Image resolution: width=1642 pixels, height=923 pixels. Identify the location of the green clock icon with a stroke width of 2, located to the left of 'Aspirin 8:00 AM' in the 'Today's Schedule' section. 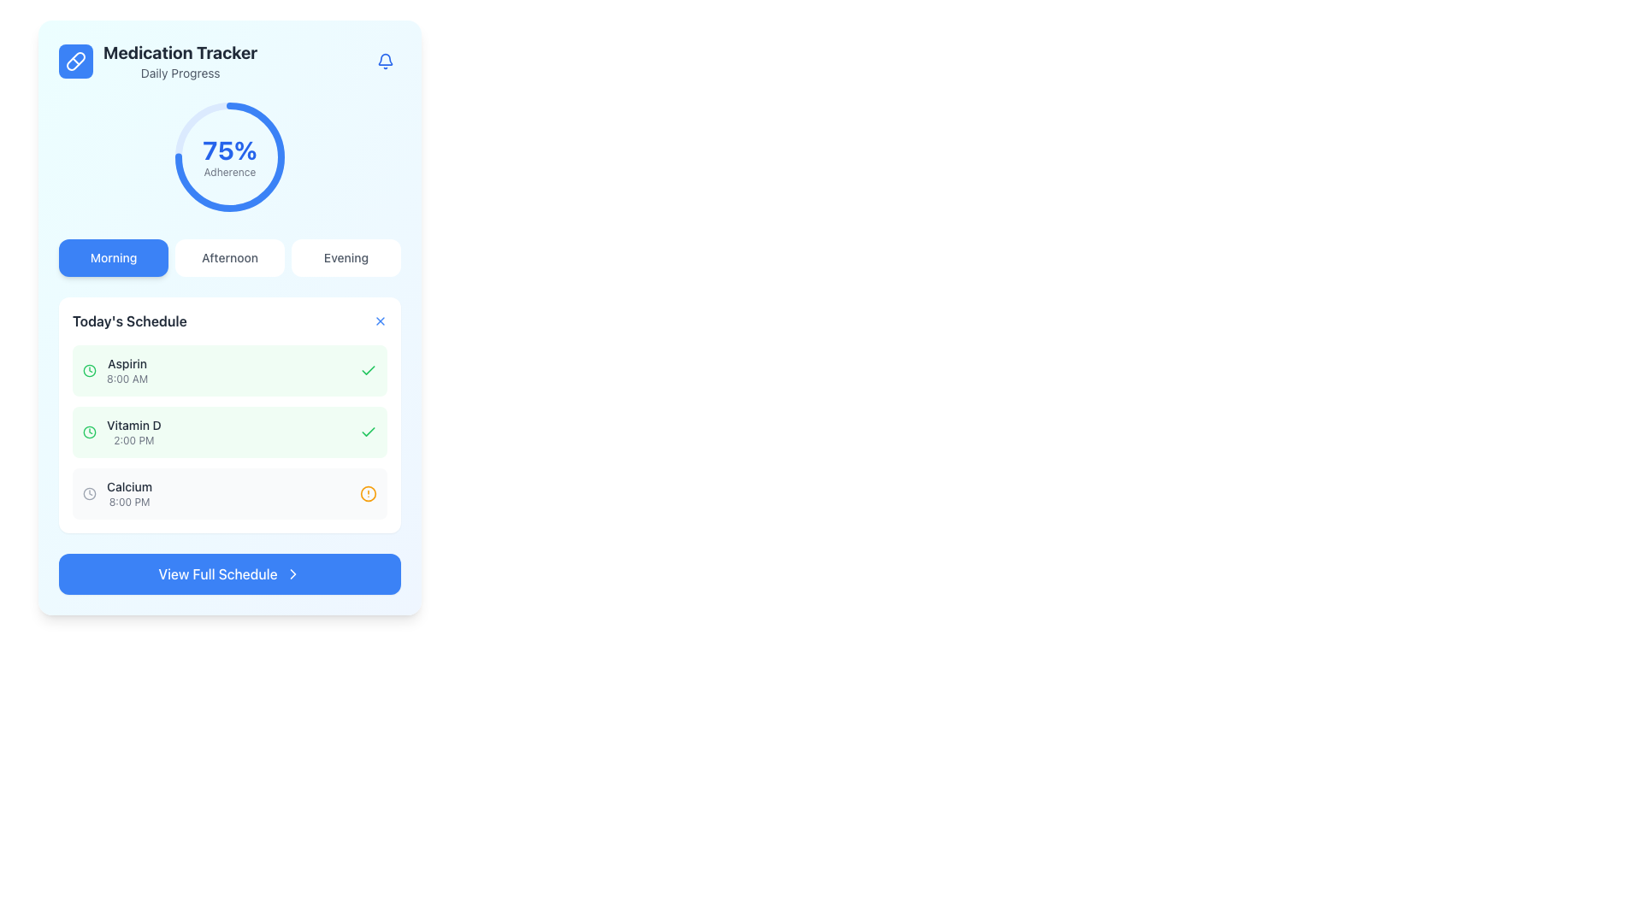
(89, 370).